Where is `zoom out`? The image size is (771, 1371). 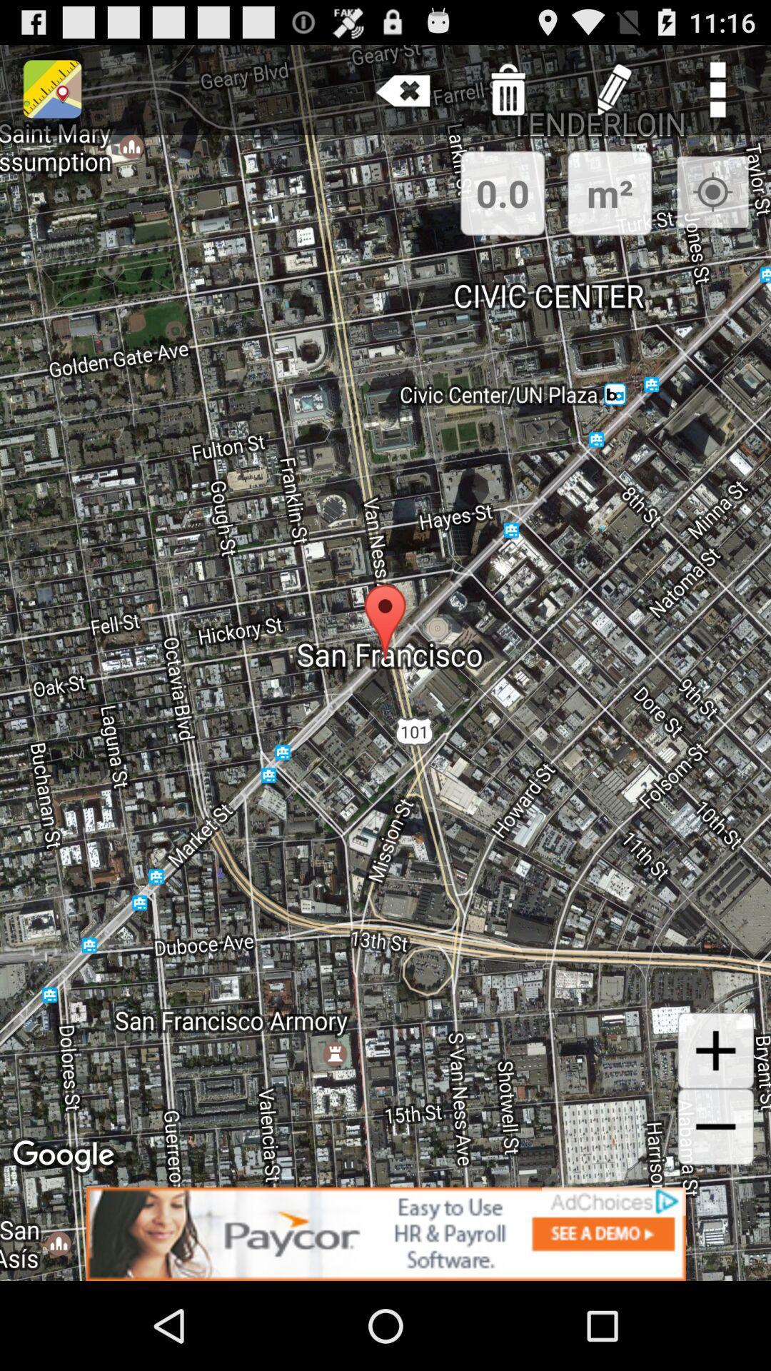
zoom out is located at coordinates (715, 1126).